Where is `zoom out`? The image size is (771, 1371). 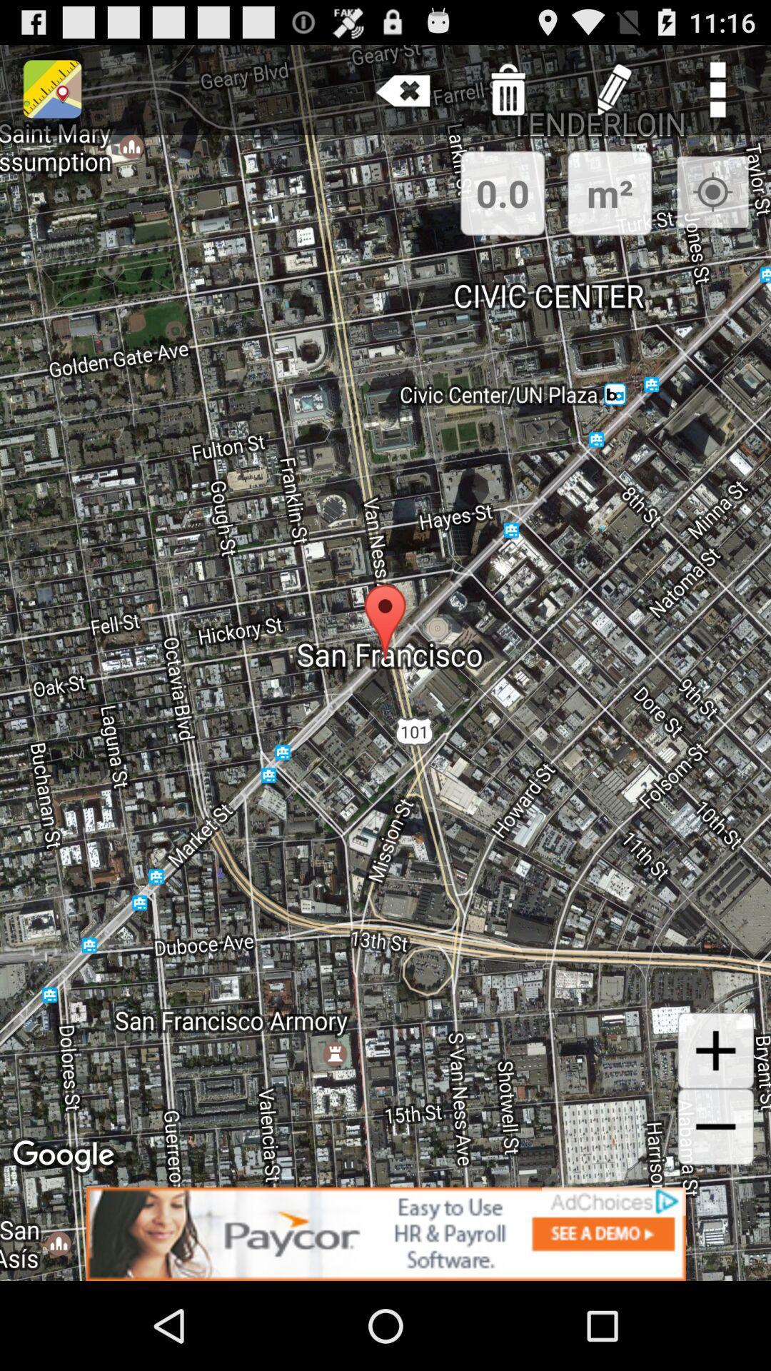
zoom out is located at coordinates (715, 1126).